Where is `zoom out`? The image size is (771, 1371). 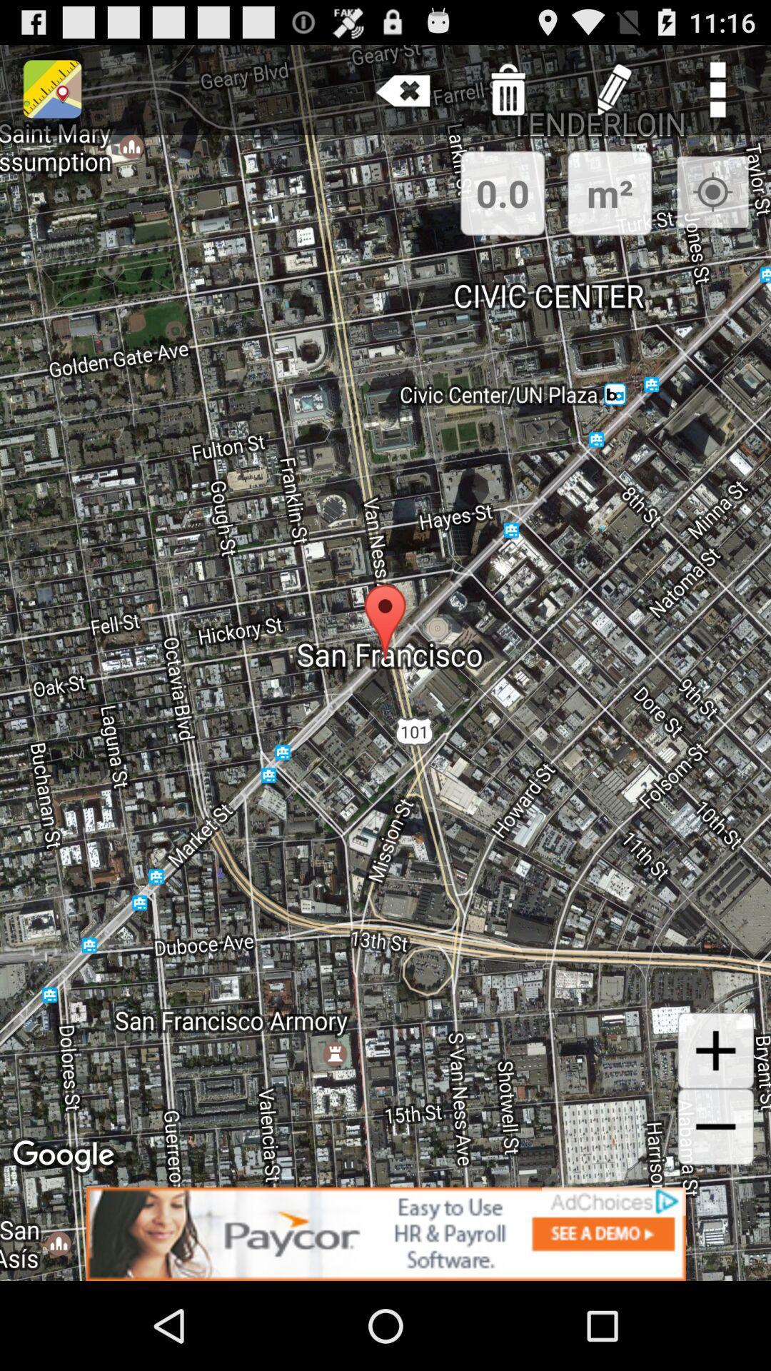
zoom out is located at coordinates (715, 1126).